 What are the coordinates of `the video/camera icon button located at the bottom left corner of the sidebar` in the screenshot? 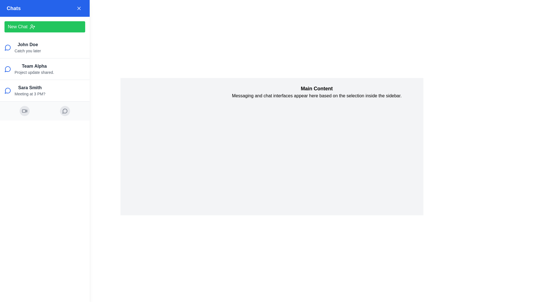 It's located at (24, 111).